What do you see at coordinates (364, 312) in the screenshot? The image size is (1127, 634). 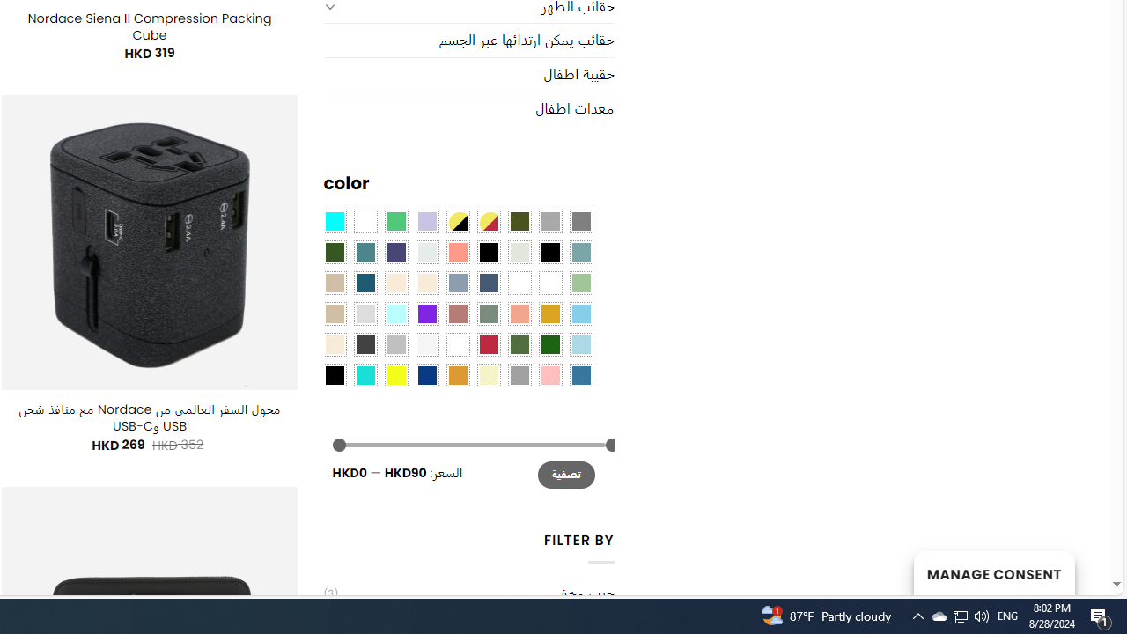 I see `'Light-Gray'` at bounding box center [364, 312].